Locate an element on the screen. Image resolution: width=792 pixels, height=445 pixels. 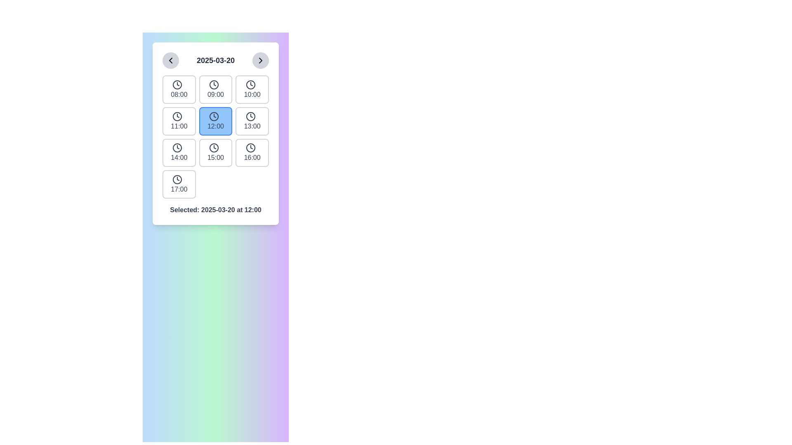
the circular clock icon representing the time selection indicator for '14:00', located in the third row and first column of the grid layout is located at coordinates (177, 148).